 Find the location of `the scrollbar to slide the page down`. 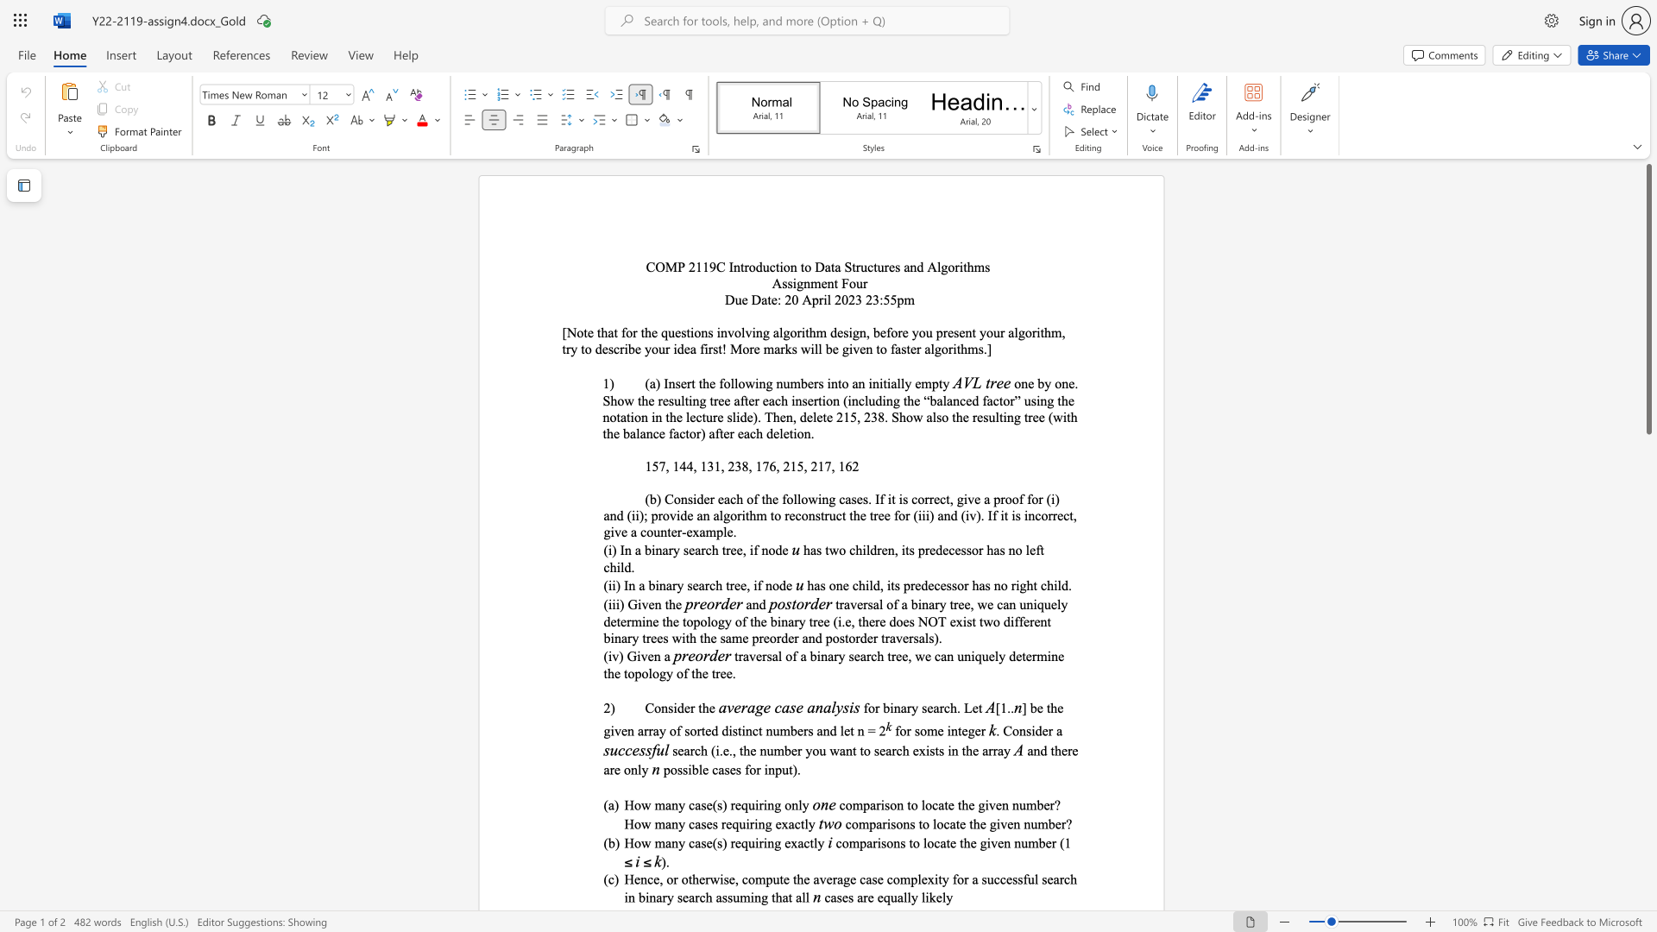

the scrollbar to slide the page down is located at coordinates (1648, 629).